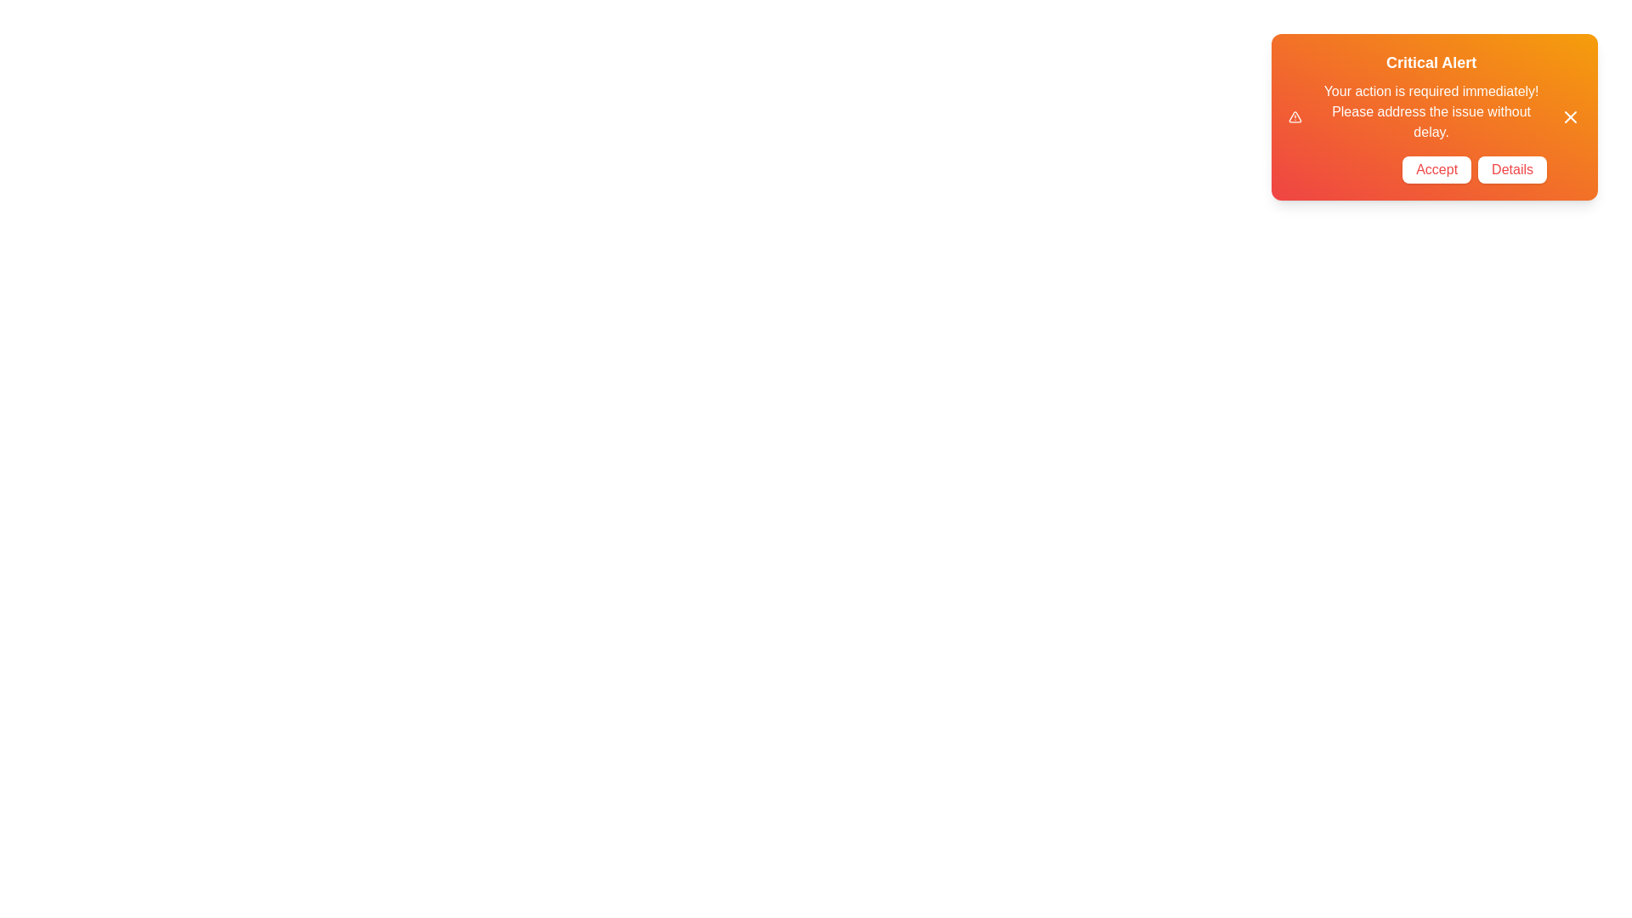 This screenshot has width=1632, height=918. I want to click on the 'Details' button to observe its hover effects, so click(1512, 170).